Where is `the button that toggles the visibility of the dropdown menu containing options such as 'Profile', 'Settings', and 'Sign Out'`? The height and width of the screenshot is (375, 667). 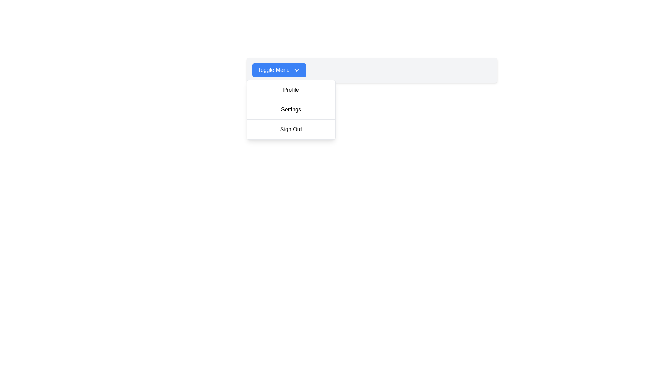
the button that toggles the visibility of the dropdown menu containing options such as 'Profile', 'Settings', and 'Sign Out' is located at coordinates (279, 70).